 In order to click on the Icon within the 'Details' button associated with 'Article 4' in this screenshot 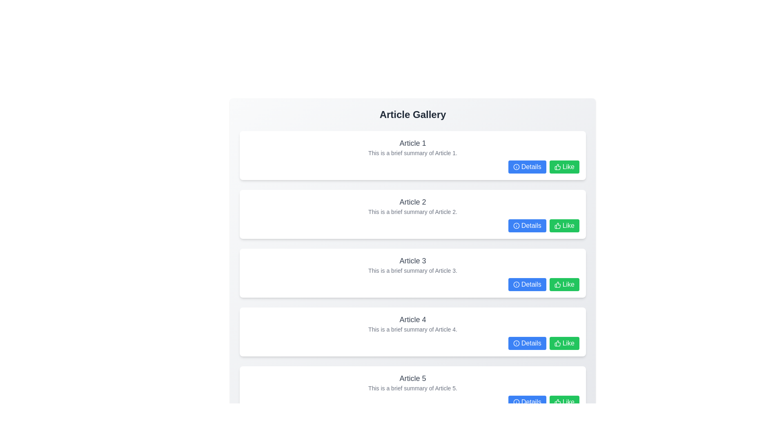, I will do `click(516, 343)`.